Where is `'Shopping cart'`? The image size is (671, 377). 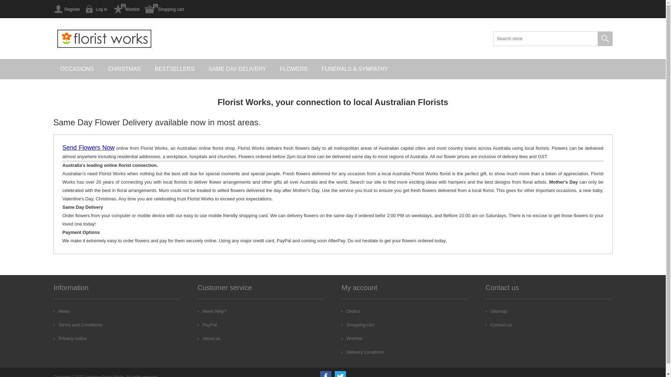 'Shopping cart' is located at coordinates (164, 9).